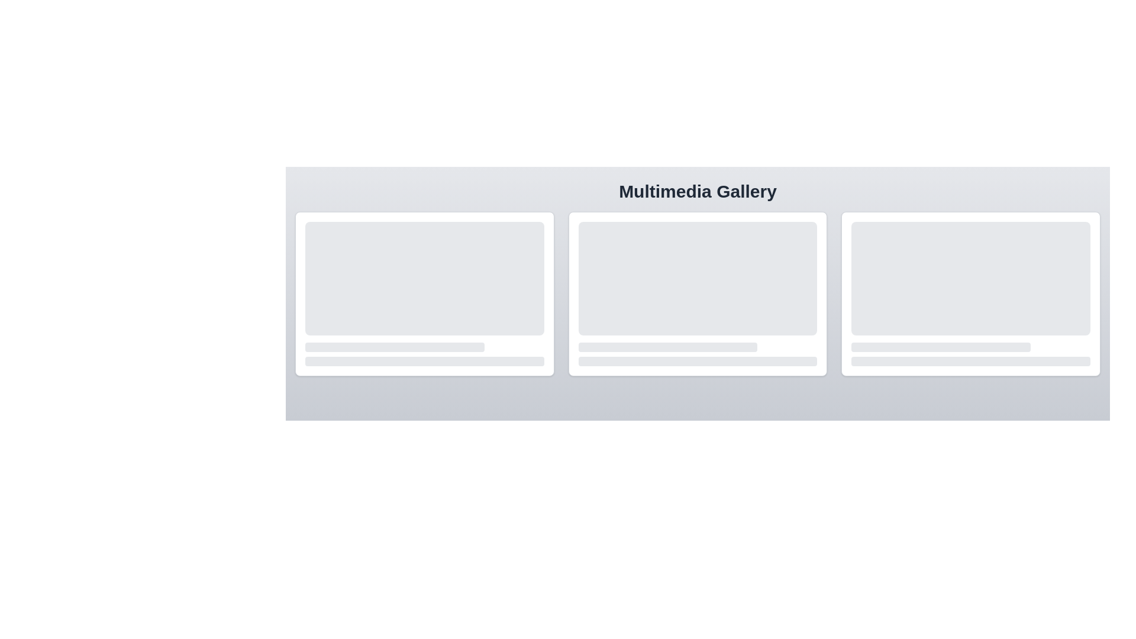  I want to click on the top gray rectangle of the first white card in the grid layout to interact with it, so click(424, 293).